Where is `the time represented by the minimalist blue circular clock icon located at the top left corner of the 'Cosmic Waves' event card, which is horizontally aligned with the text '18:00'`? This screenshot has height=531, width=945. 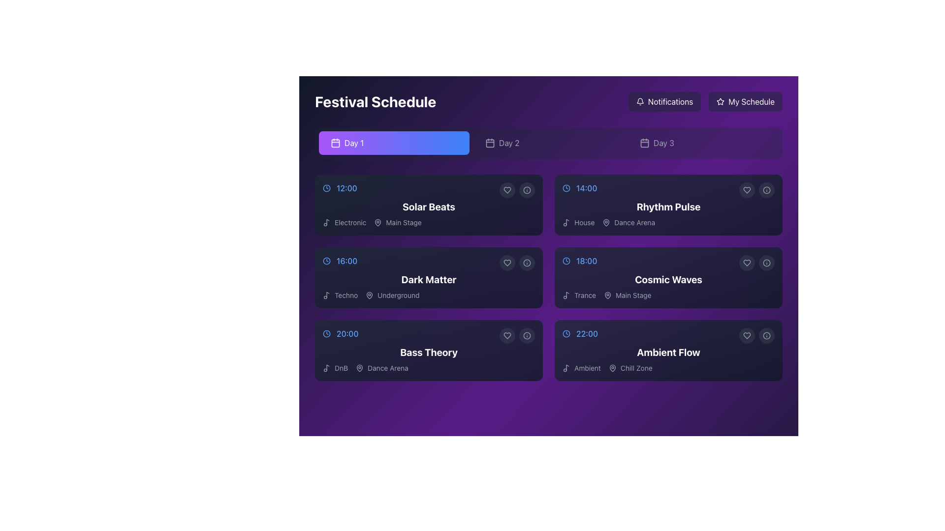 the time represented by the minimalist blue circular clock icon located at the top left corner of the 'Cosmic Waves' event card, which is horizontally aligned with the text '18:00' is located at coordinates (567, 261).